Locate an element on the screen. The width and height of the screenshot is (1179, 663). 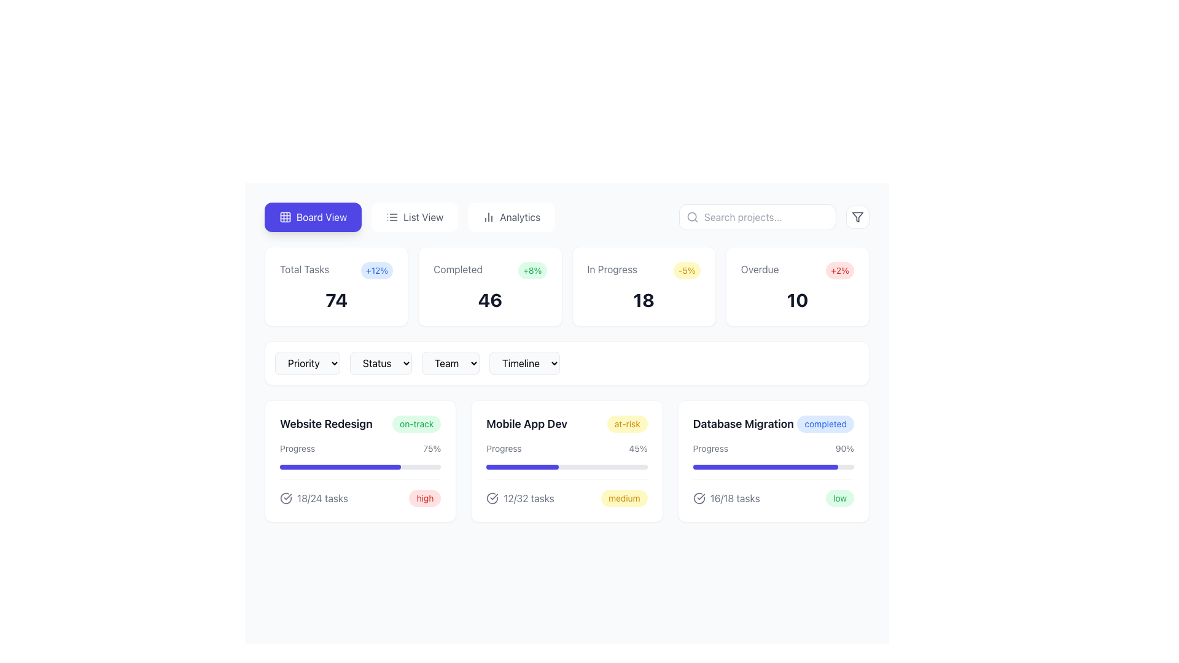
the value displayed on the pill-shaped red badge that shows '+2%' located in the 'Overdue' section of the dashboard, positioned to the right of the 'Overdue' label is located at coordinates (839, 269).